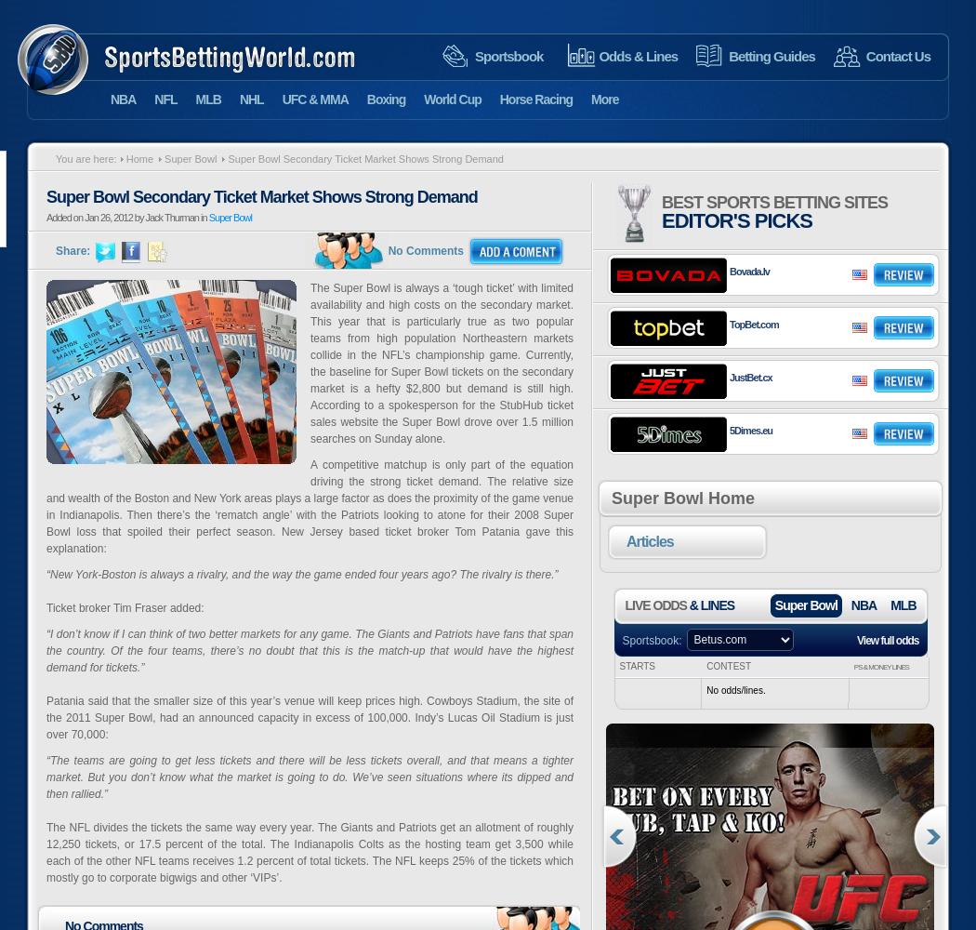 The height and width of the screenshot is (930, 976). What do you see at coordinates (124, 608) in the screenshot?
I see `'Ticket broker Tim Fraser added:'` at bounding box center [124, 608].